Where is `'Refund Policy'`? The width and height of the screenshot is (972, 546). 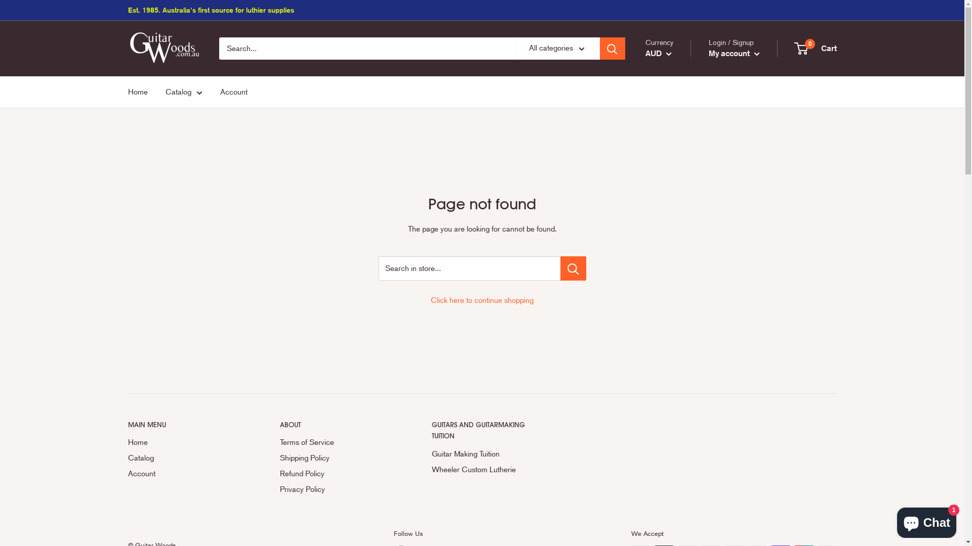
'Refund Policy' is located at coordinates (279, 474).